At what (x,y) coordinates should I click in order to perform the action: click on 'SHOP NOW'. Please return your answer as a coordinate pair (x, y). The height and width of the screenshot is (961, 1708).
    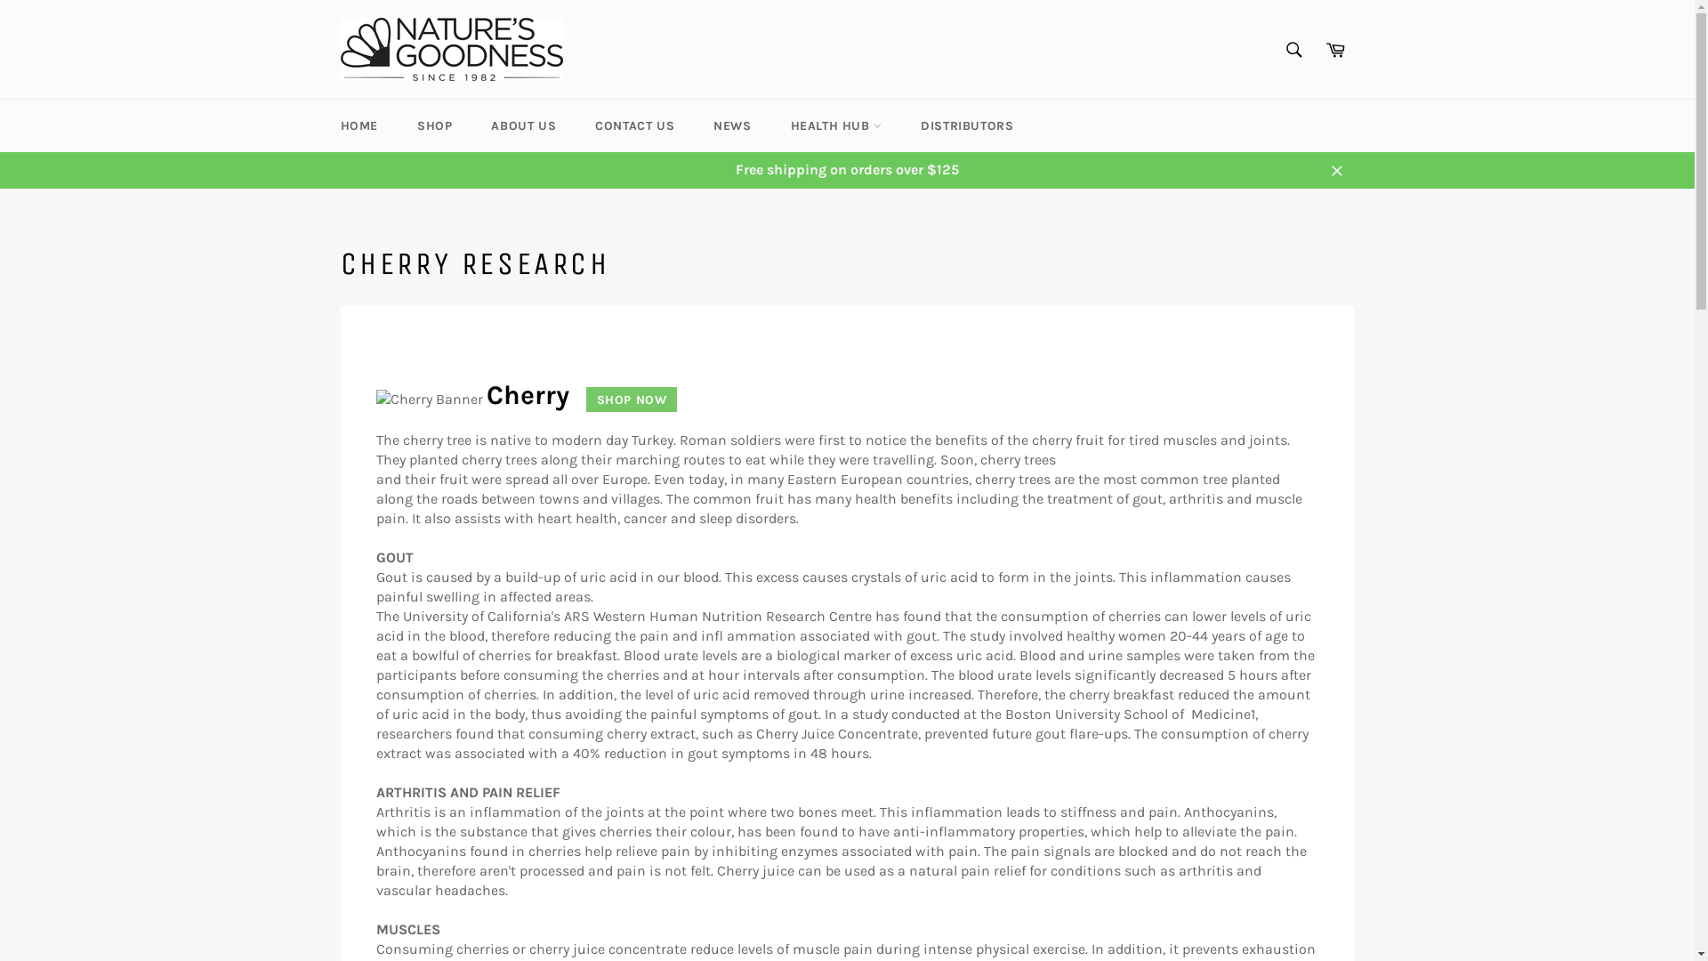
    Looking at the image, I should click on (624, 398).